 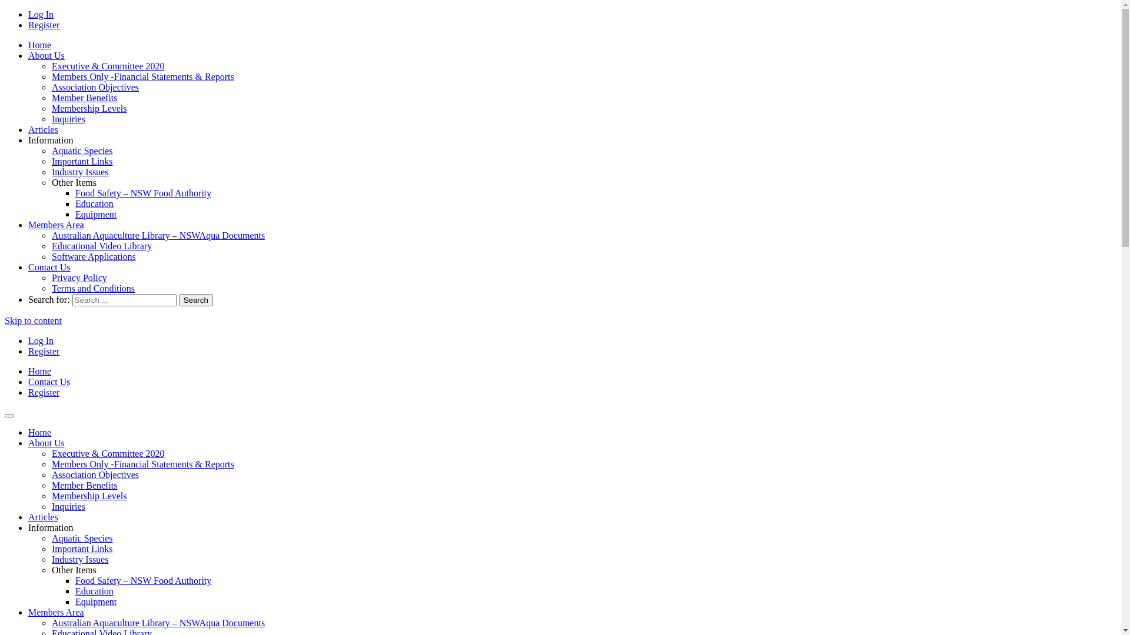 What do you see at coordinates (95, 474) in the screenshot?
I see `'Association Objectives'` at bounding box center [95, 474].